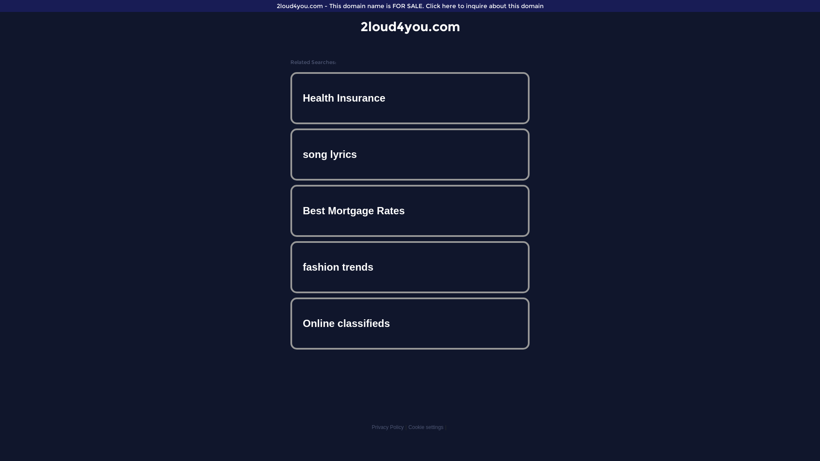  Describe the element at coordinates (360, 26) in the screenshot. I see `'2loud4you.com'` at that location.